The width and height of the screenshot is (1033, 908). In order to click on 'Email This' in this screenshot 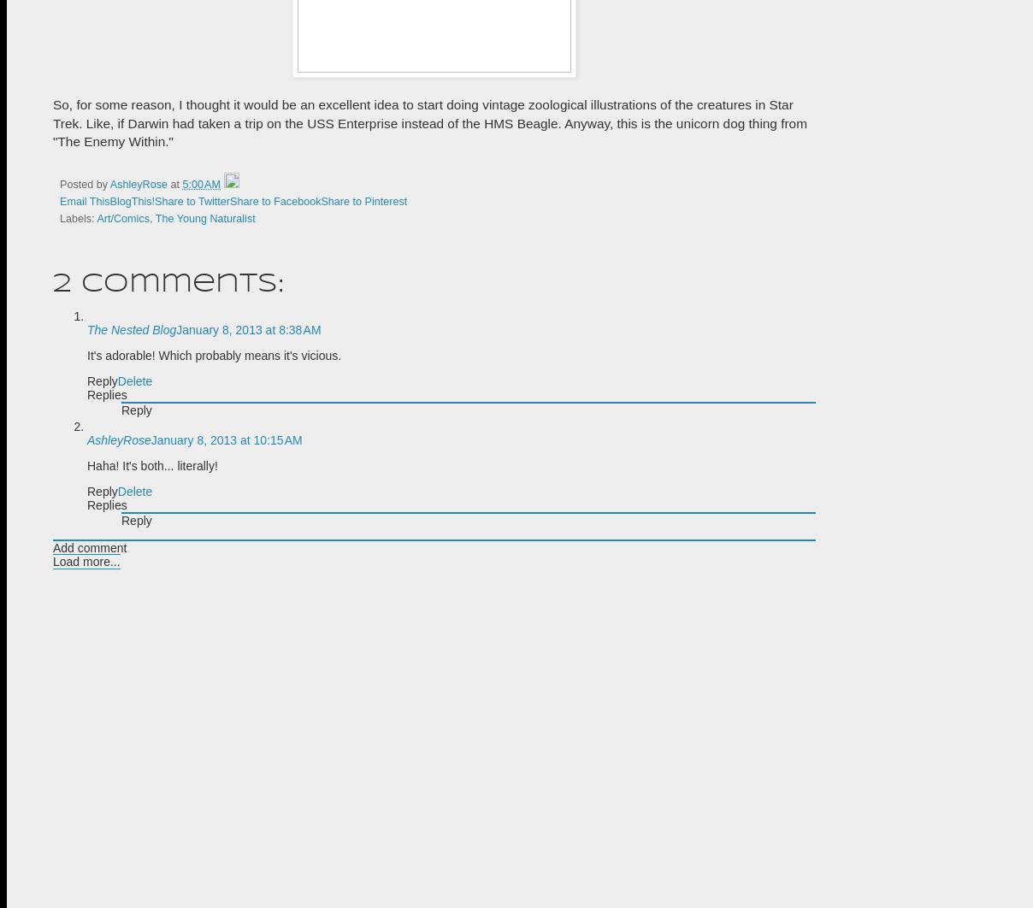, I will do `click(84, 201)`.